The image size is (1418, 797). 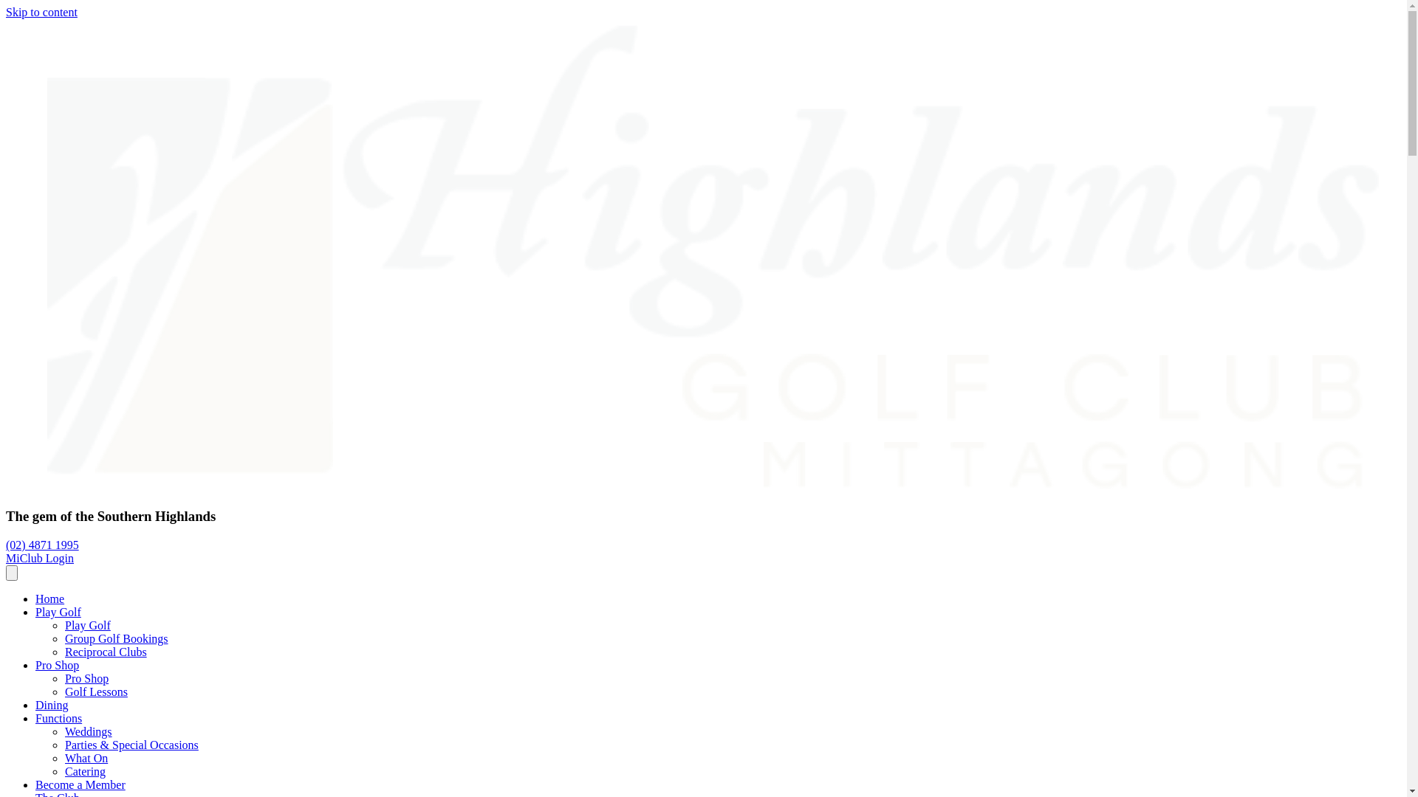 I want to click on 'Skip to content', so click(x=6, y=12).